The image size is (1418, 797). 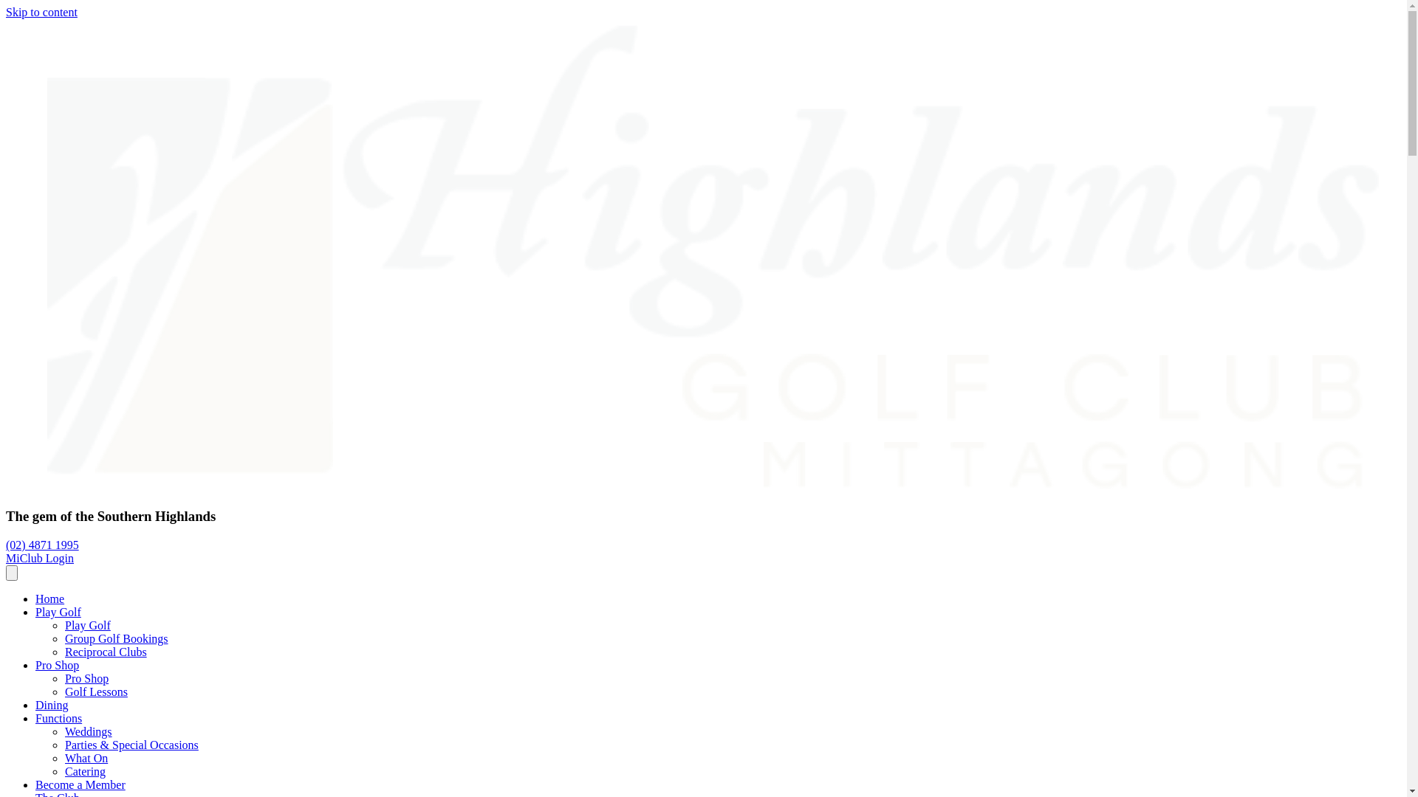 I want to click on 'Skip to content', so click(x=6, y=12).